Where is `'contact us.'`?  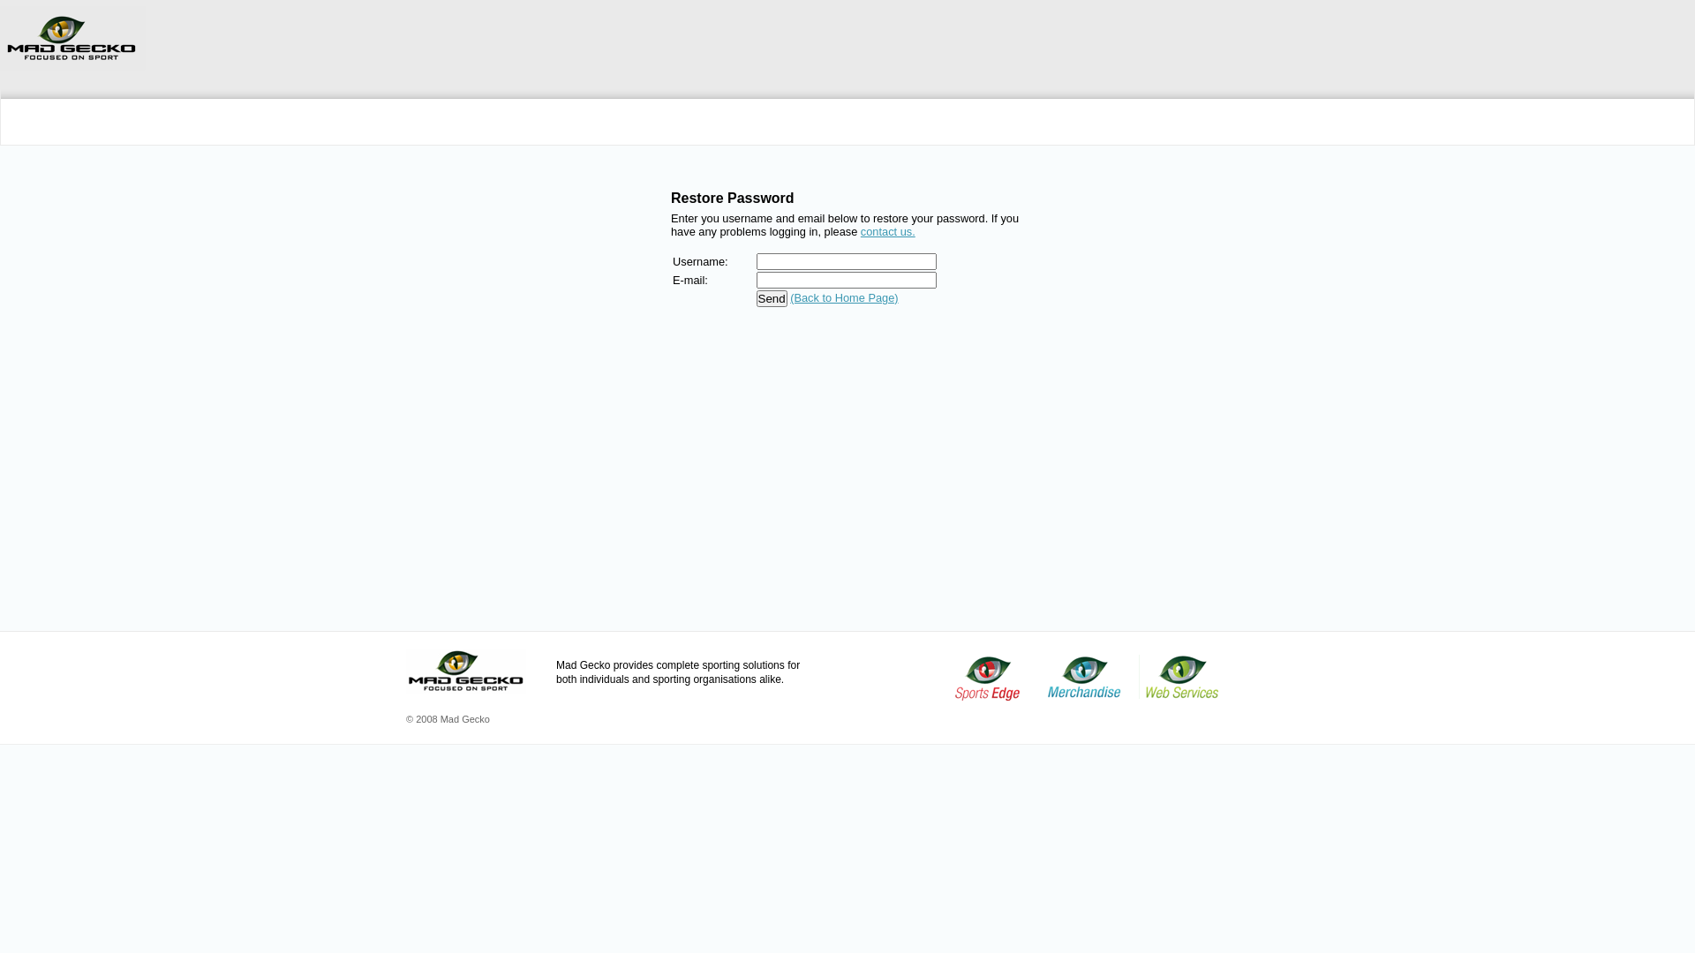
'contact us.' is located at coordinates (860, 230).